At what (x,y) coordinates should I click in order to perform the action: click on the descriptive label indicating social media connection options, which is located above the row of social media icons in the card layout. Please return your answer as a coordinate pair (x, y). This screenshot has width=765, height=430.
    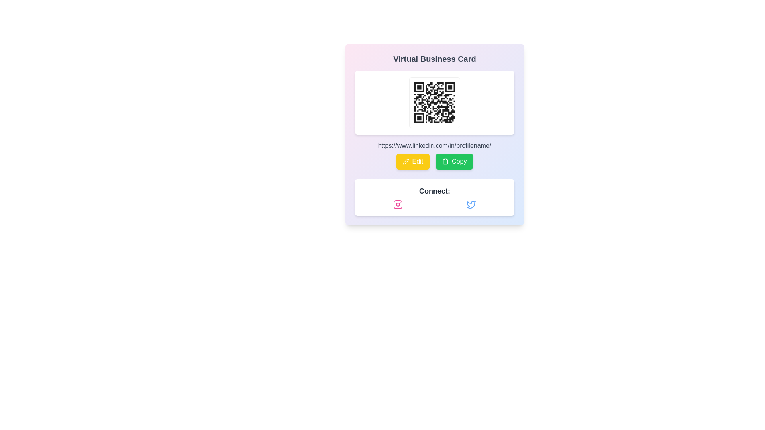
    Looking at the image, I should click on (434, 191).